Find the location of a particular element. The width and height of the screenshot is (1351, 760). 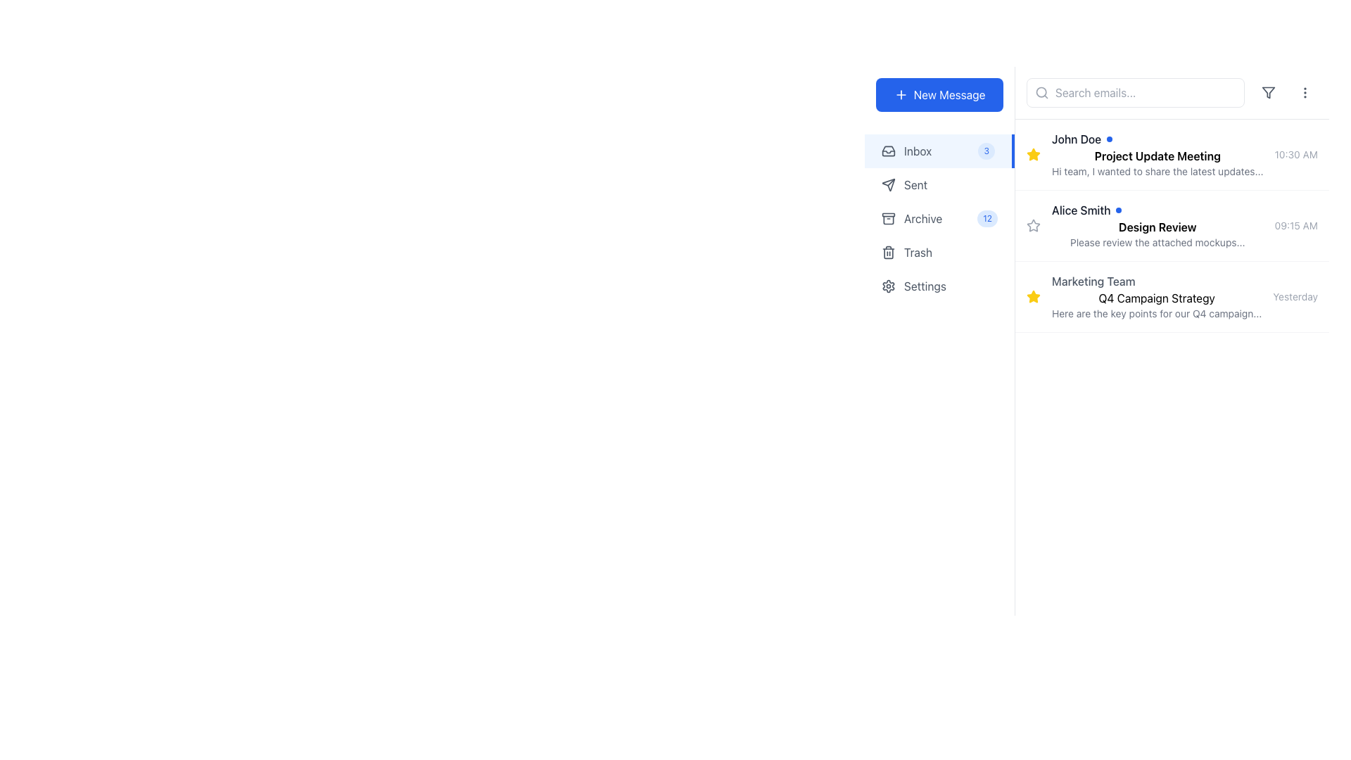

the gear icon in the settings menu located on the left sidebar, positioned below the 'Trash' option is located at coordinates (887, 286).